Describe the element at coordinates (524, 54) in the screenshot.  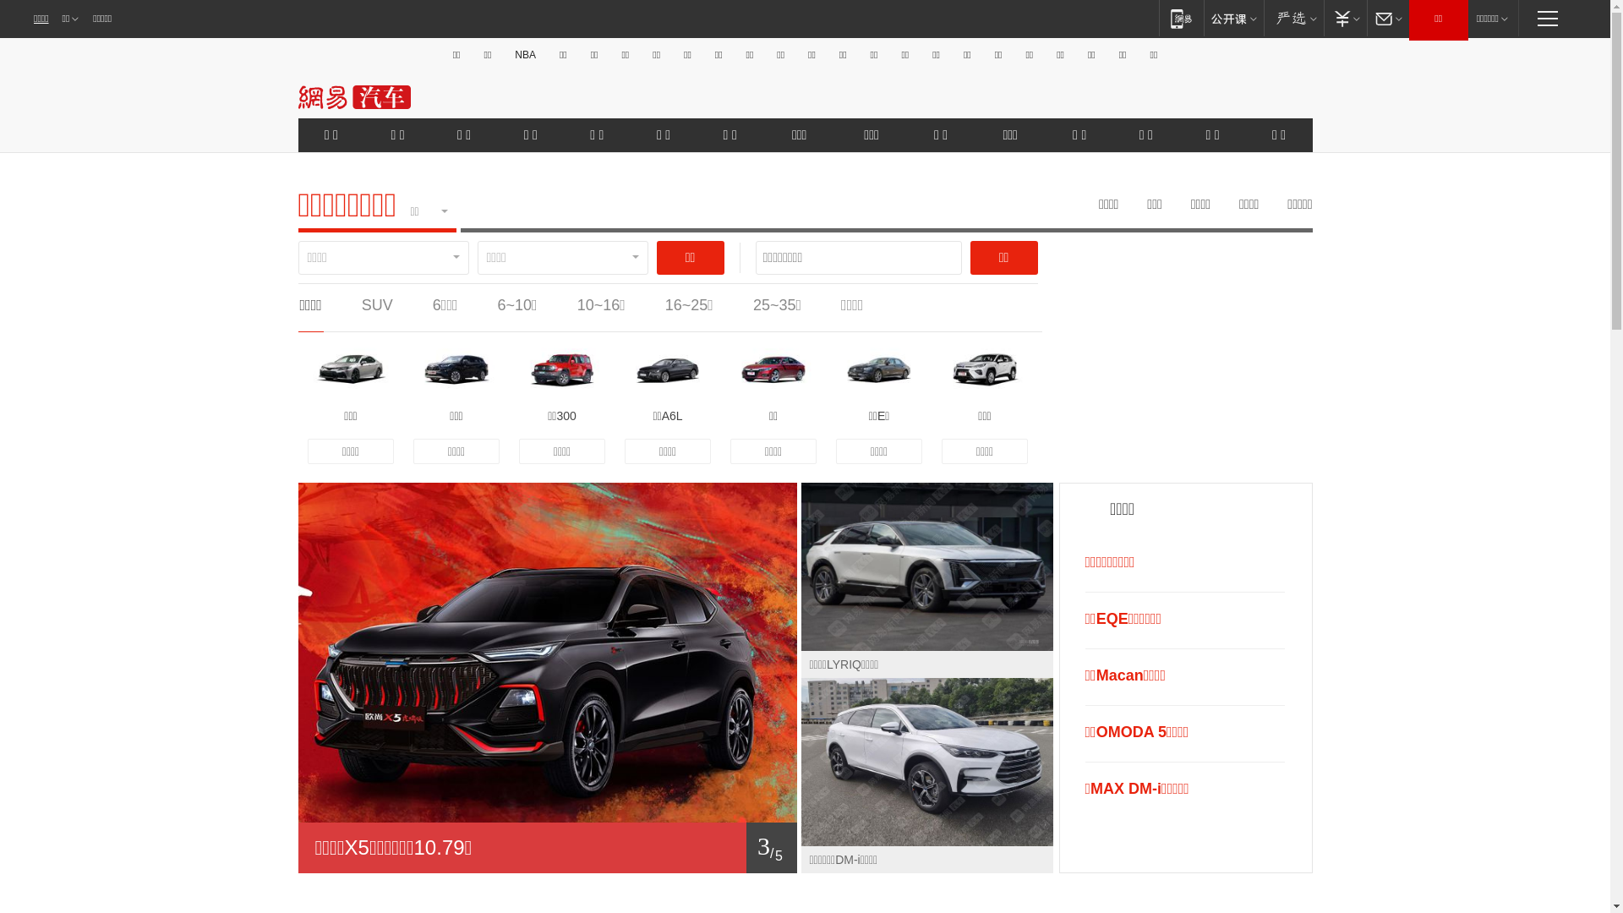
I see `'NBA'` at that location.